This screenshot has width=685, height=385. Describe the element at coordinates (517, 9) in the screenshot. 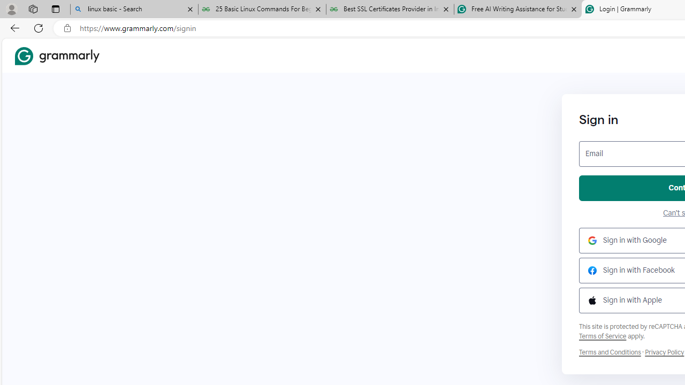

I see `'Free AI Writing Assistance for Students | Grammarly'` at that location.